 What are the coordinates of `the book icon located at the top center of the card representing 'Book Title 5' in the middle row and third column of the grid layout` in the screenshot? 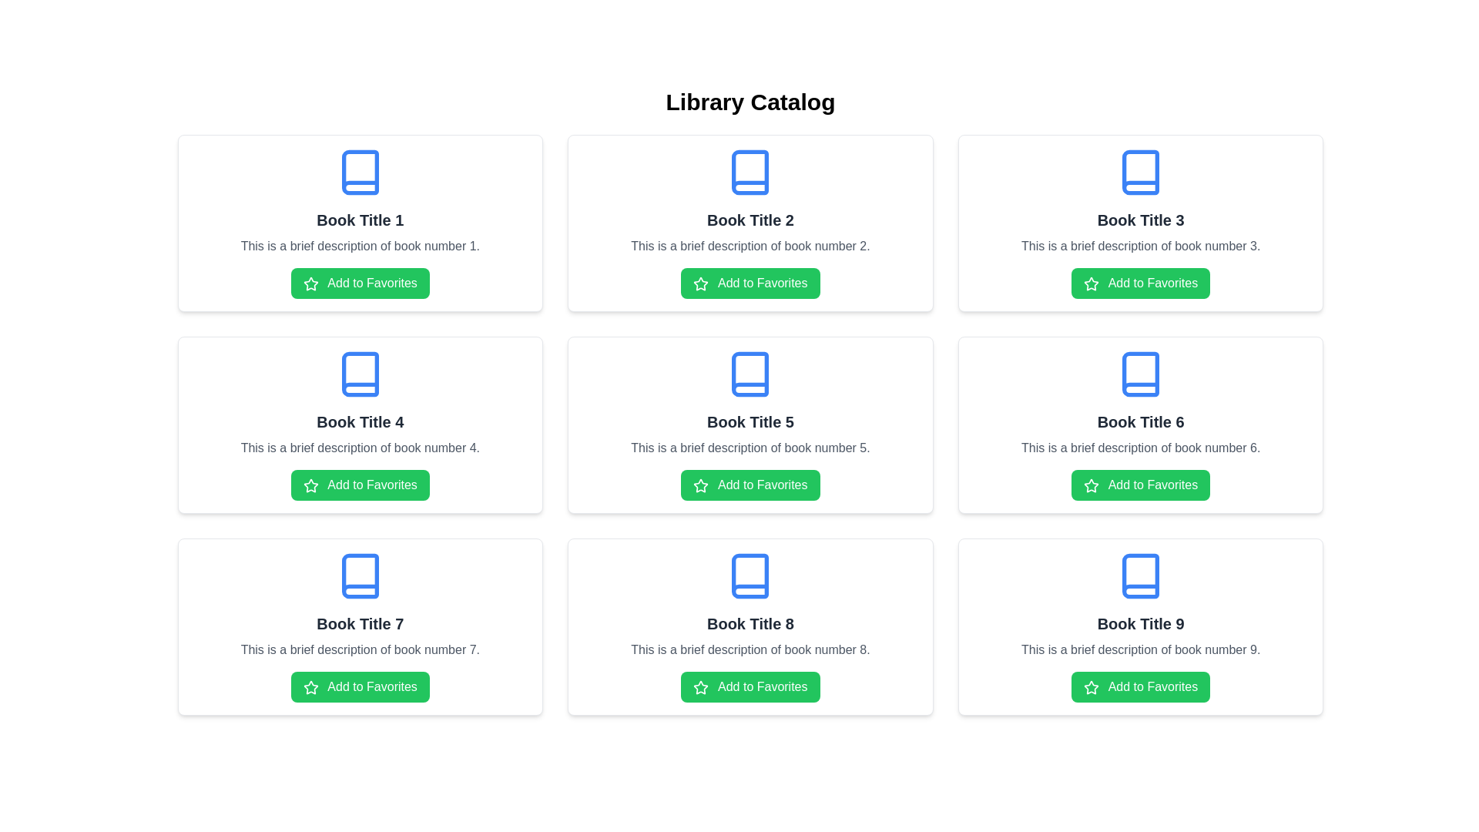 It's located at (750, 374).